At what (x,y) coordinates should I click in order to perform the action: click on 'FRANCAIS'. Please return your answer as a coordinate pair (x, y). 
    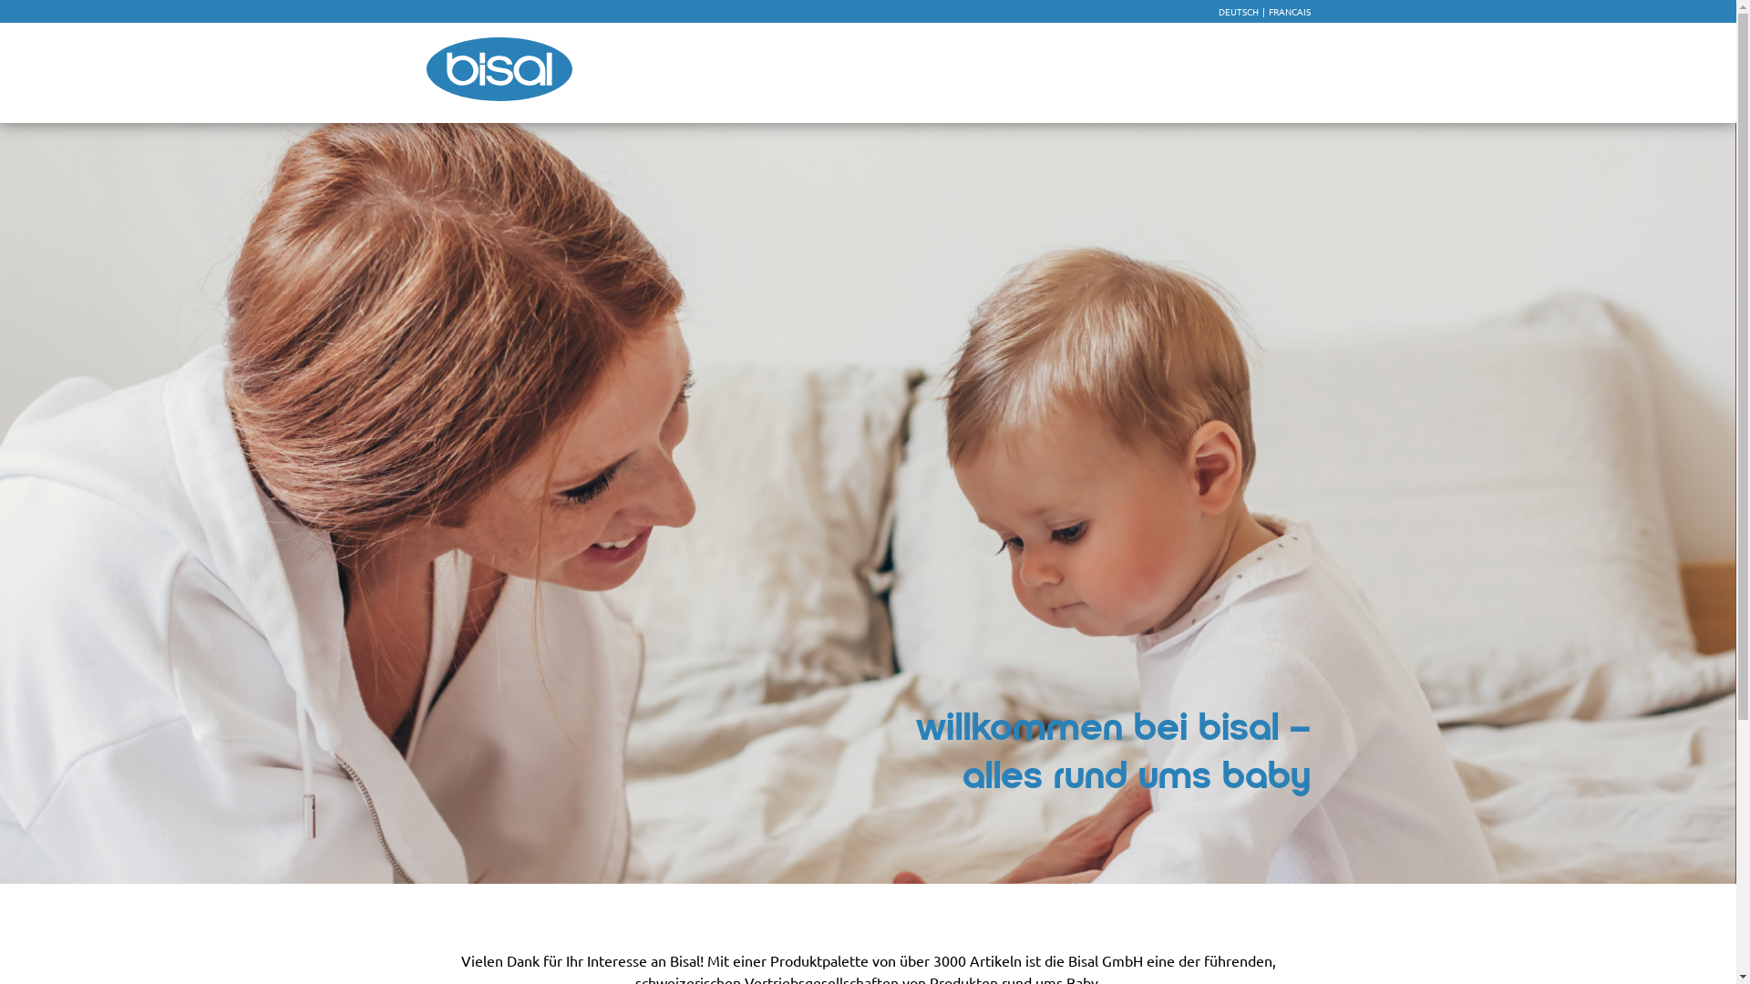
    Looking at the image, I should click on (1268, 11).